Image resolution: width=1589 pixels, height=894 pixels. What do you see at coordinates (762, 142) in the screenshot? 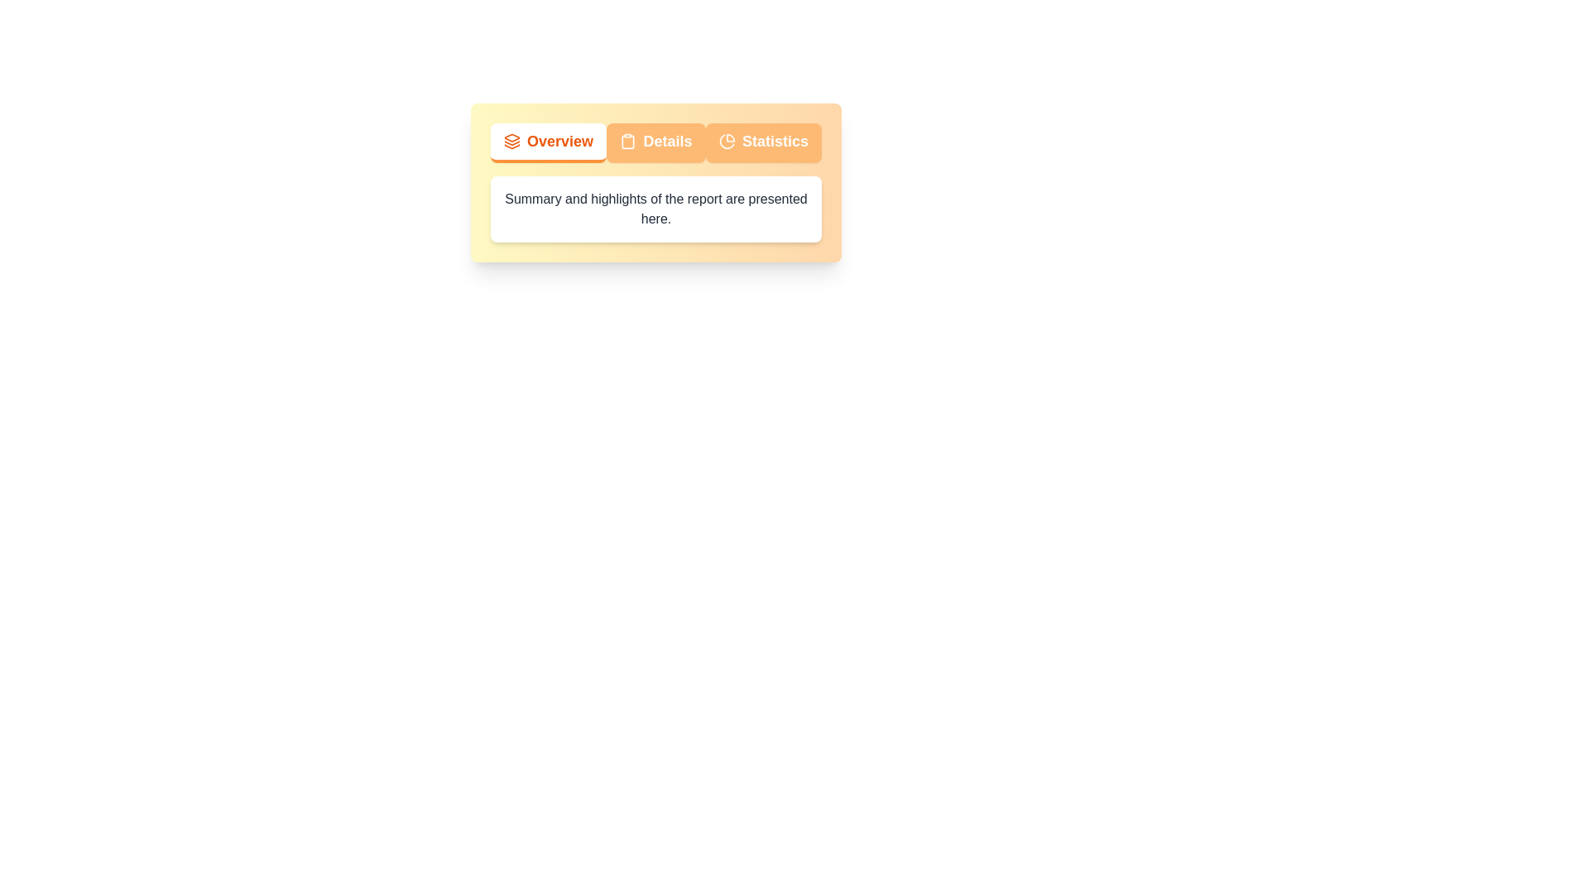
I see `the orange button labeled 'Statistics' with a pie chart icon` at bounding box center [762, 142].